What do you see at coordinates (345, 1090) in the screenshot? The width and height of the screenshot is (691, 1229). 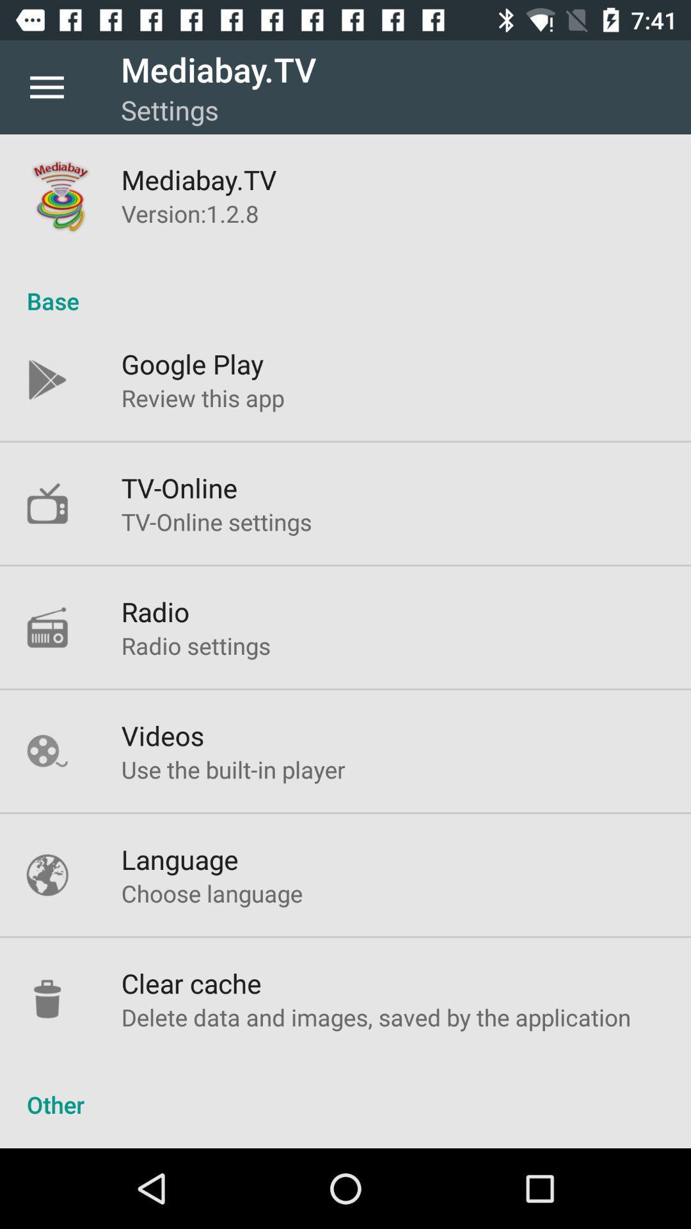 I see `other item` at bounding box center [345, 1090].